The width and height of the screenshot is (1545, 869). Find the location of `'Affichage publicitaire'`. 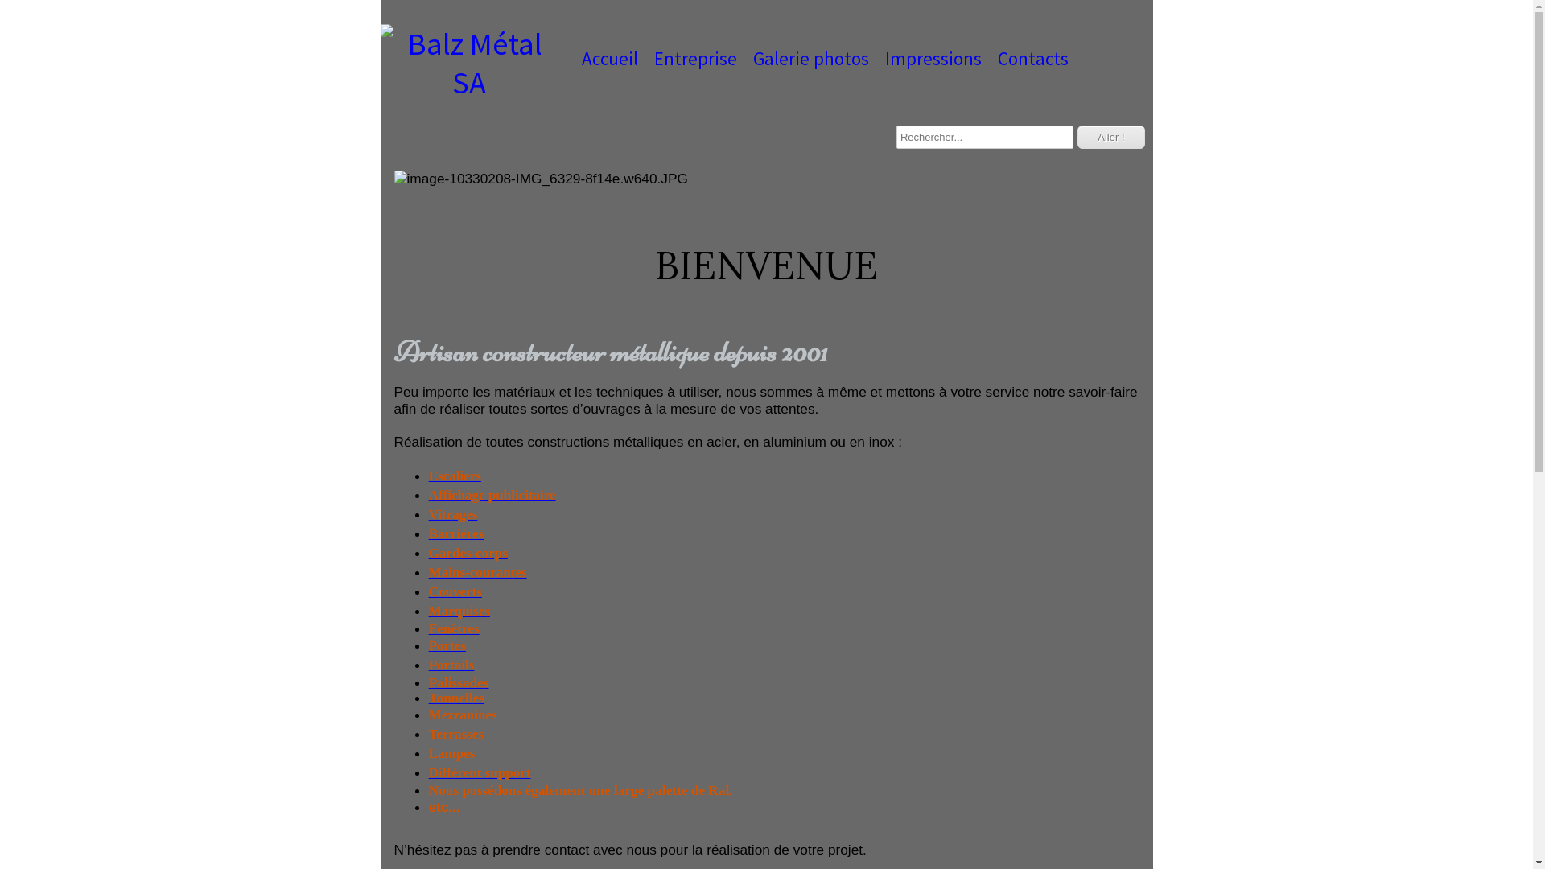

'Affichage publicitaire' is located at coordinates (491, 494).